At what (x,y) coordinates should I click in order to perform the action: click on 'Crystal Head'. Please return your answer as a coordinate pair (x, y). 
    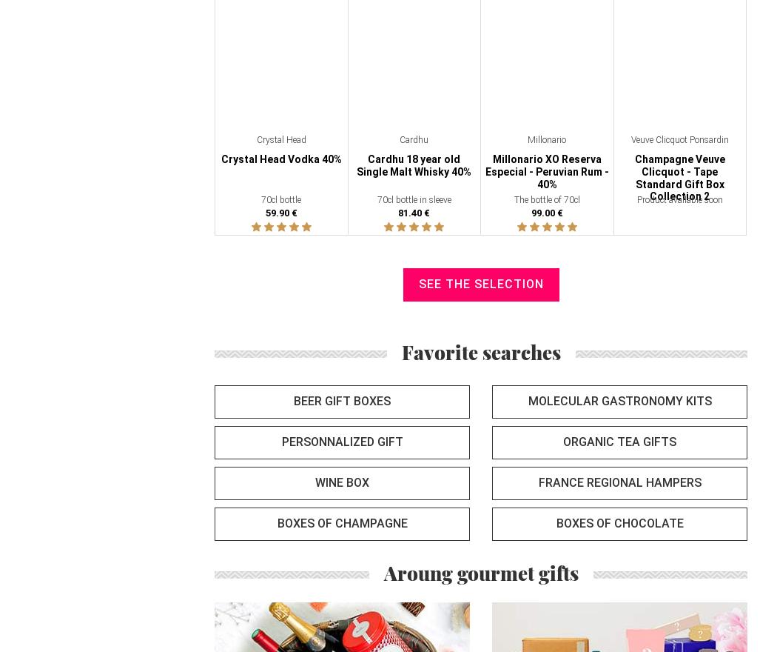
    Looking at the image, I should click on (255, 139).